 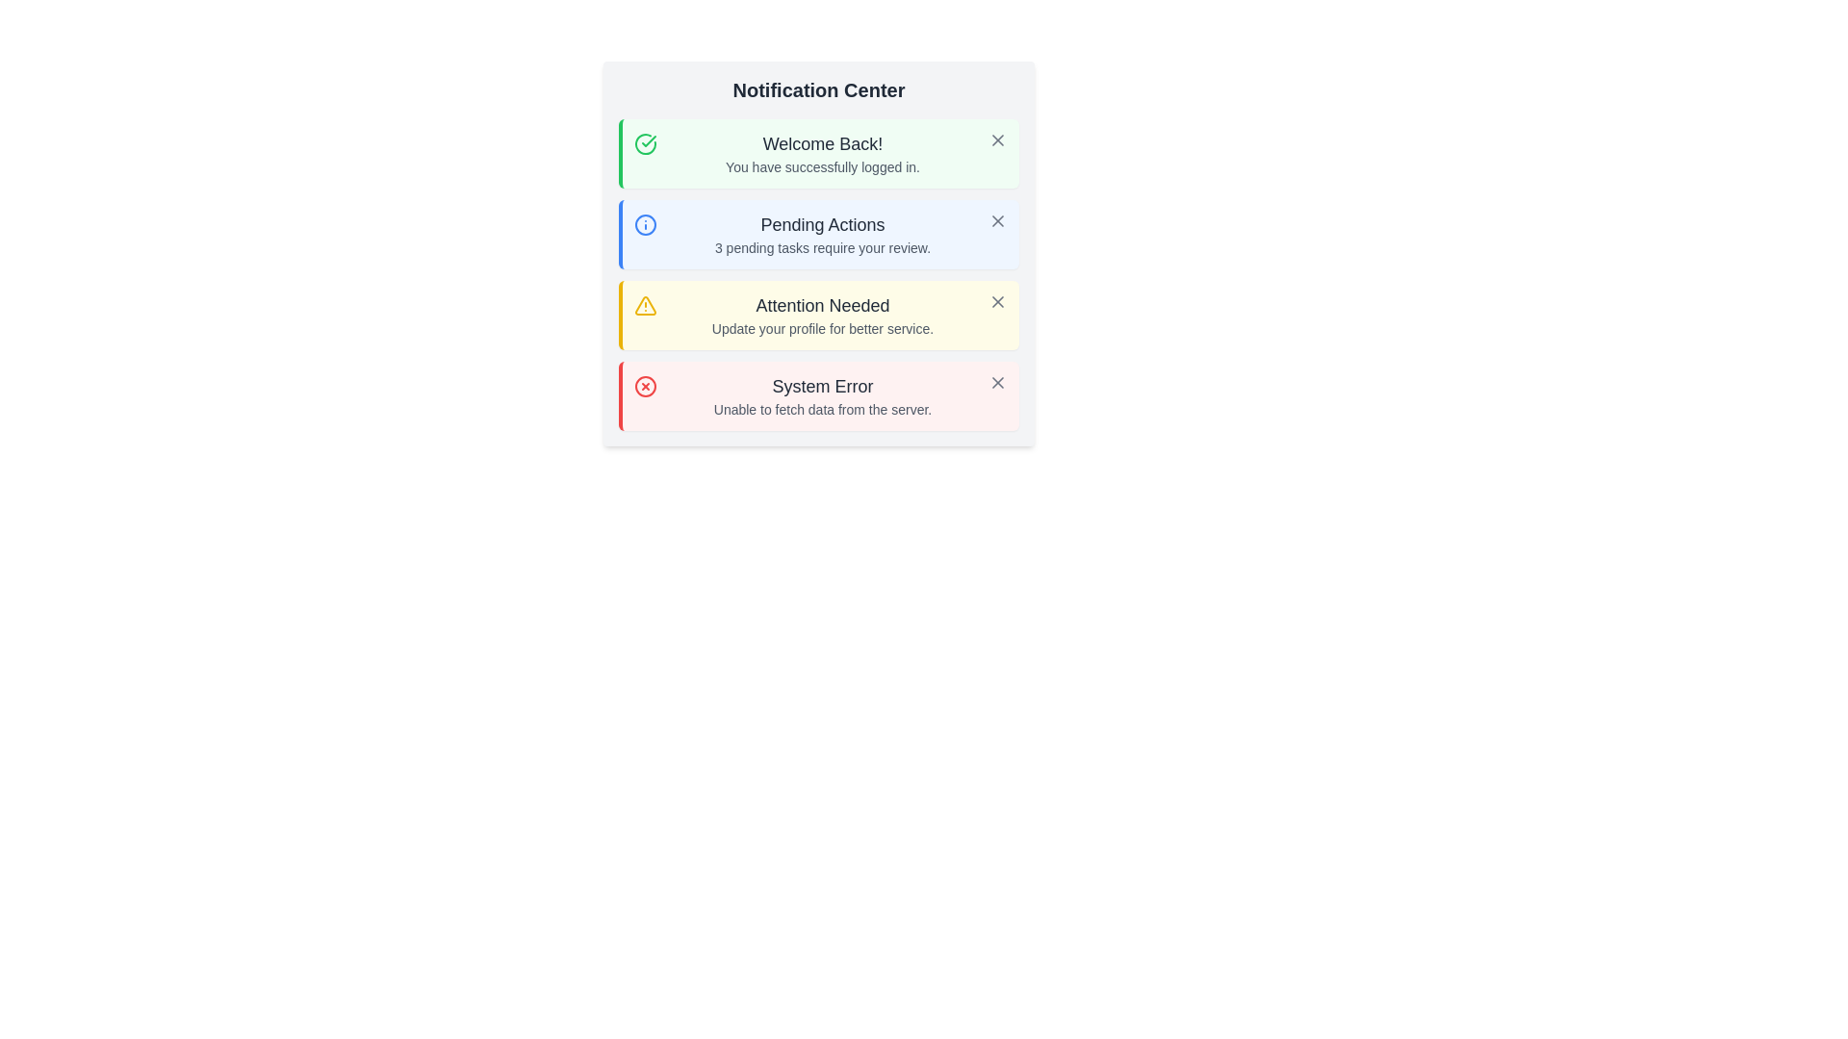 What do you see at coordinates (646, 304) in the screenshot?
I see `the yellow warning icon shaped as a triangle with a white exclamation mark inside, located to the left of the text 'Attention Needed' in the notification list` at bounding box center [646, 304].